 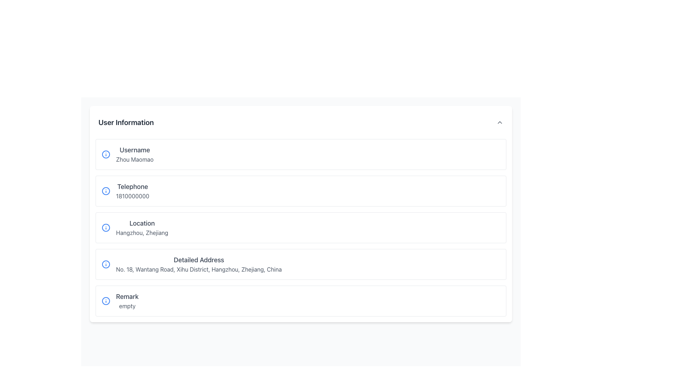 I want to click on the static text displaying 'Hangzhou, Zhejiang', which is located in the 'Location' section of the user information form, below the 'Location' label, so click(x=142, y=233).